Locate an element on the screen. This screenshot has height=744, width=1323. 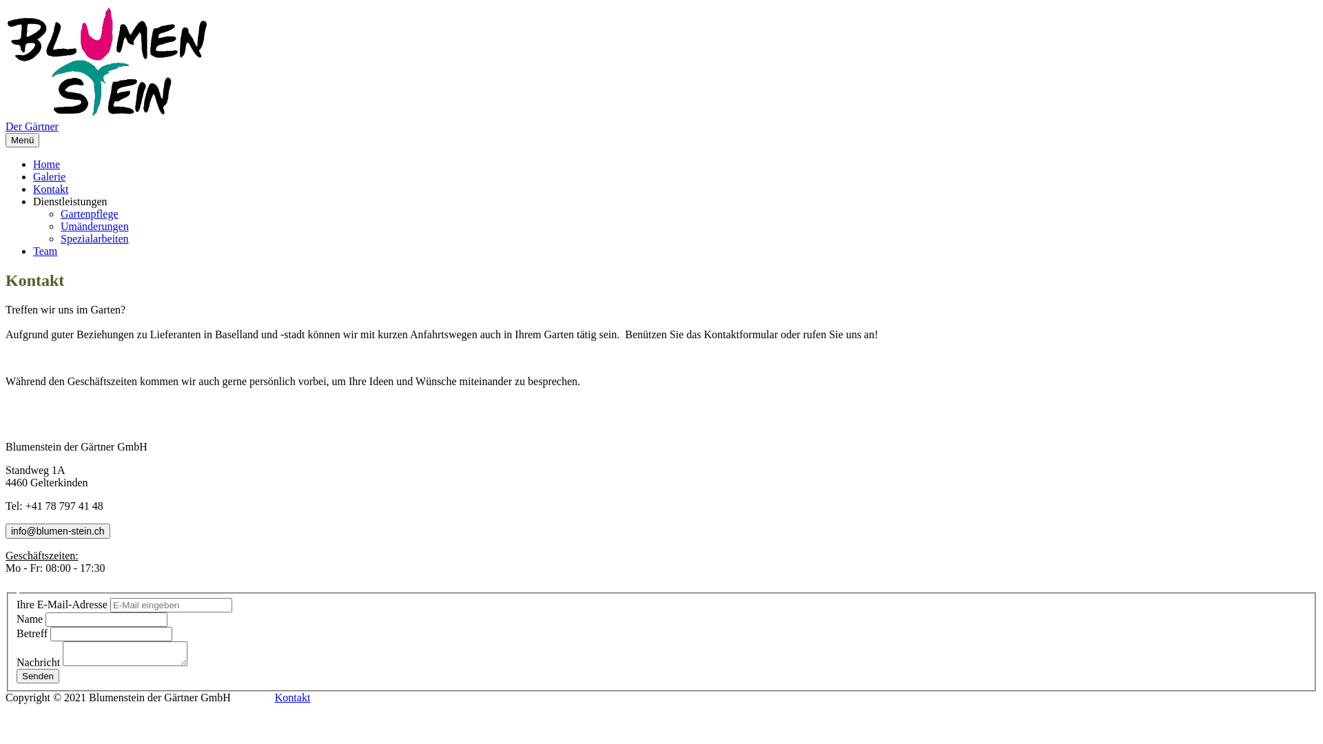
'Galerie' is located at coordinates (49, 176).